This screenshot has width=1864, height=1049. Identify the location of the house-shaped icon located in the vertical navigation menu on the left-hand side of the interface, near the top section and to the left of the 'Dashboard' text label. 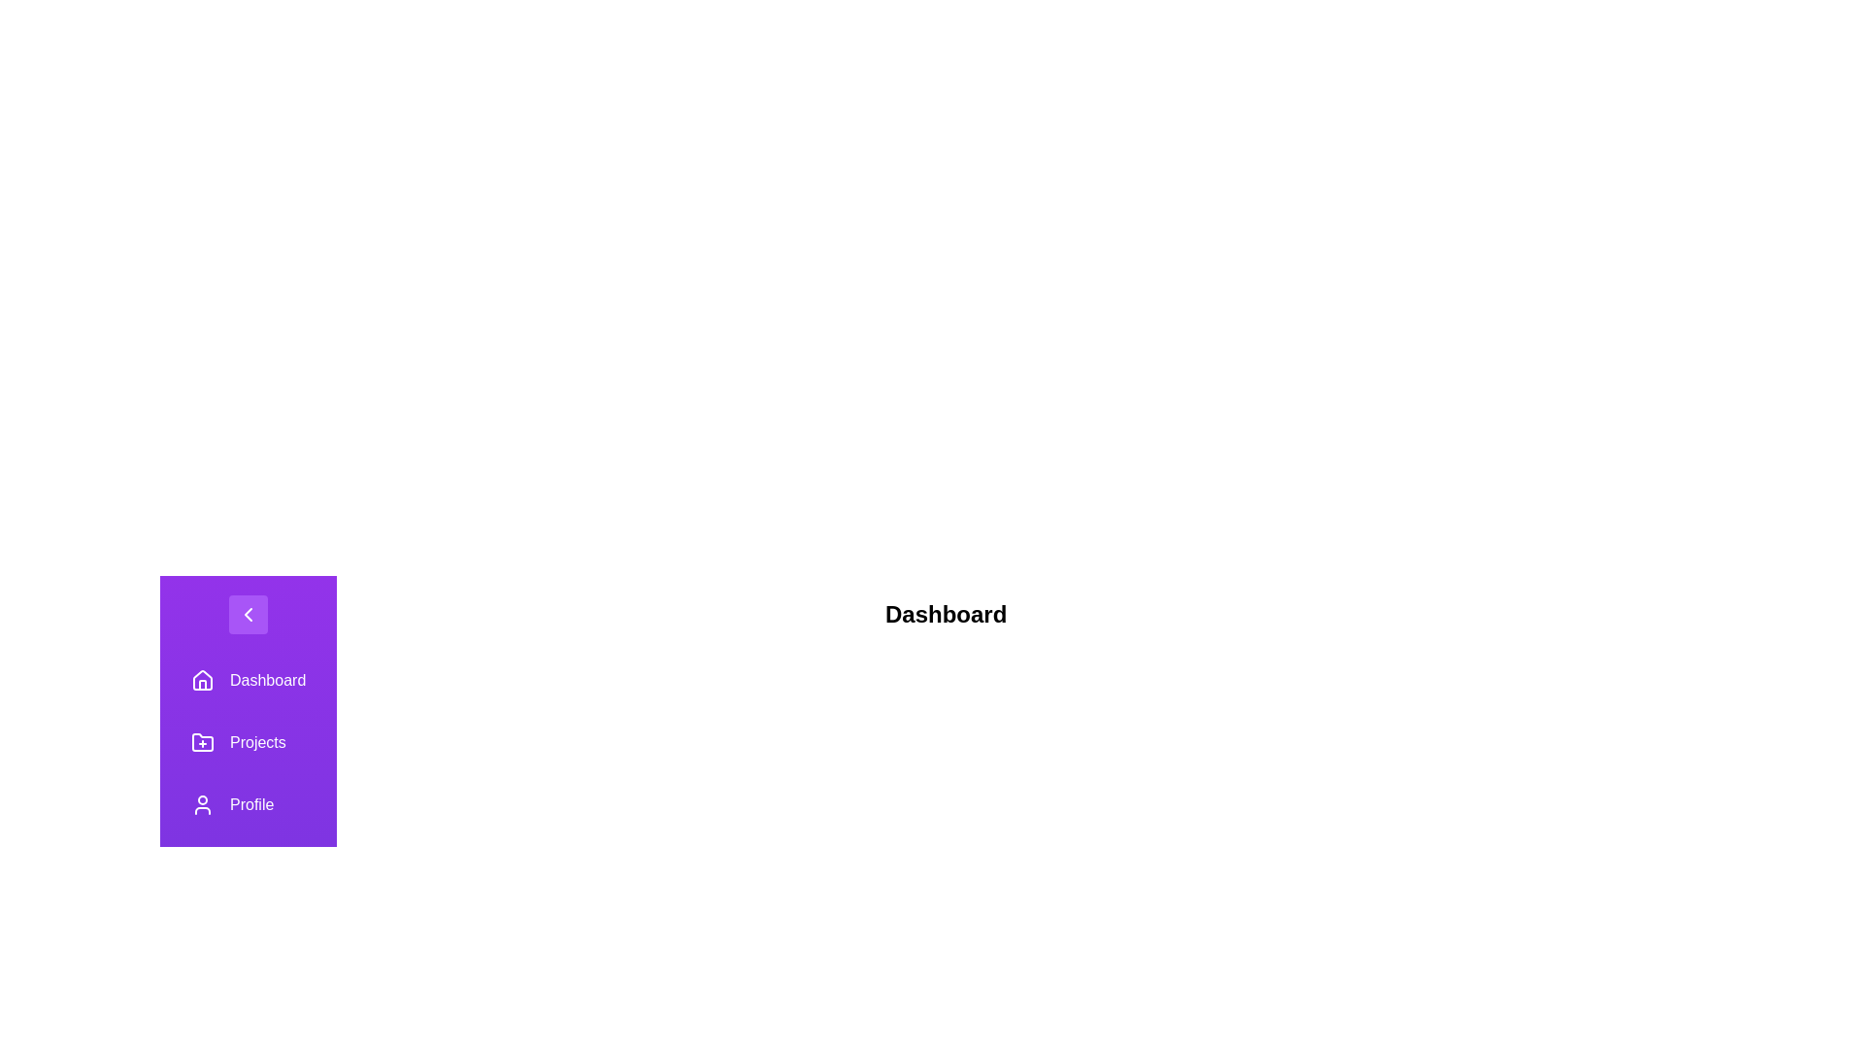
(203, 678).